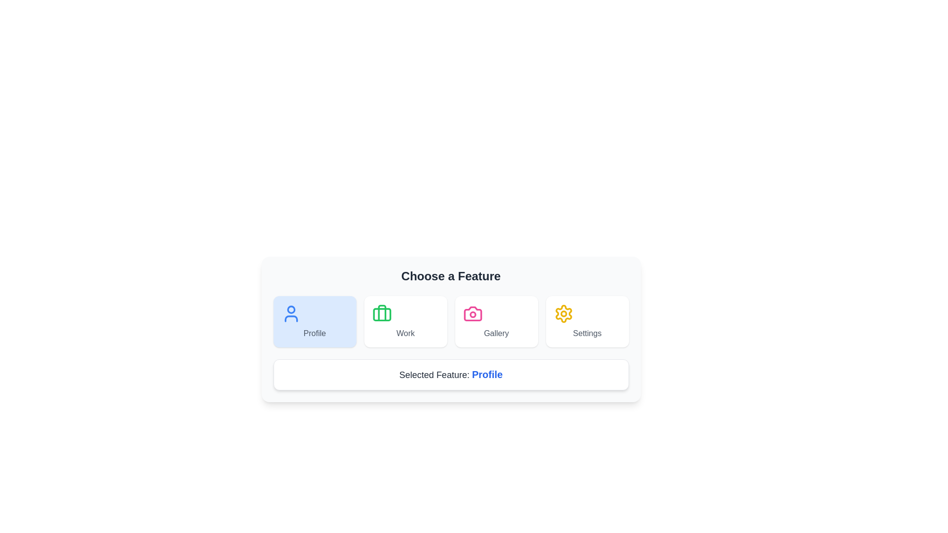  I want to click on the 'Settings' icon located in the fourth position from the left in the 'Choose a Feature' menu, so click(563, 314).